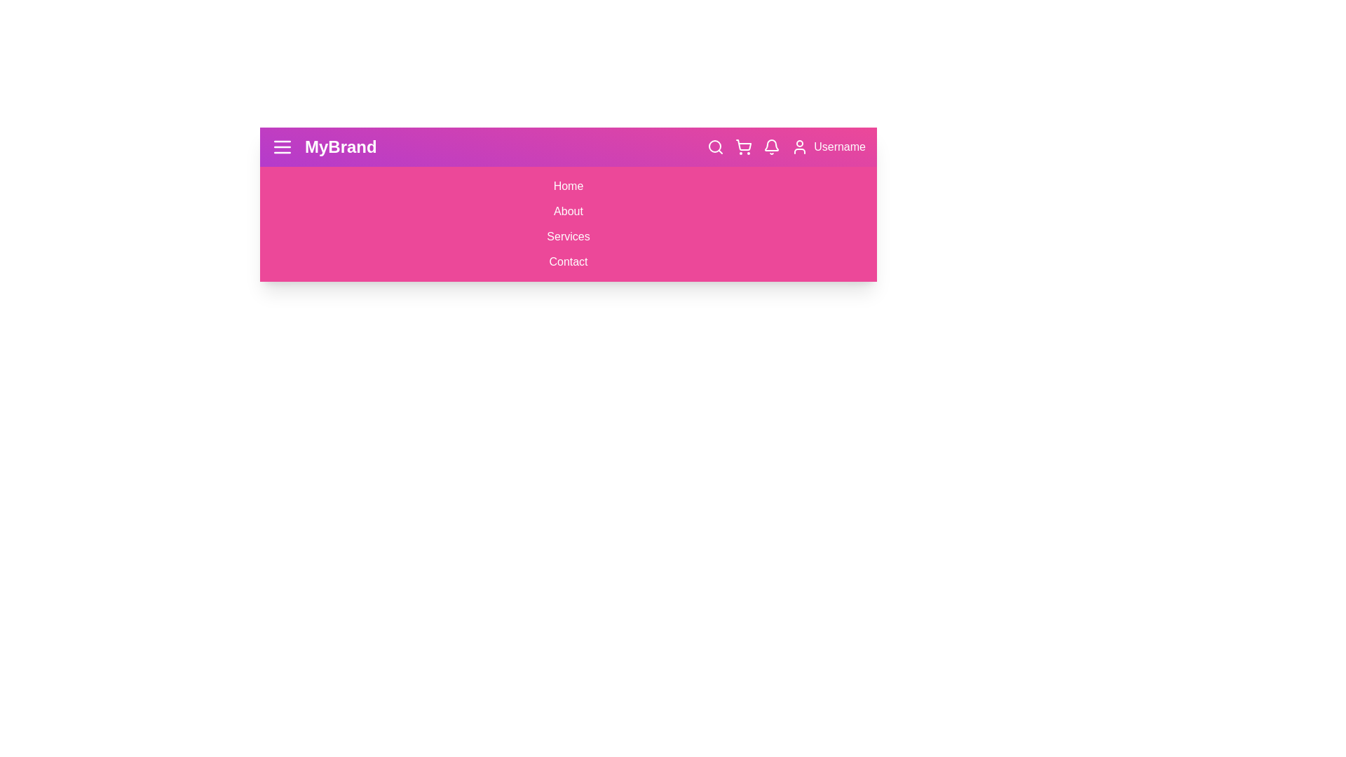 The height and width of the screenshot is (757, 1346). I want to click on the menu button to toggle the visibility of the menu, so click(282, 146).